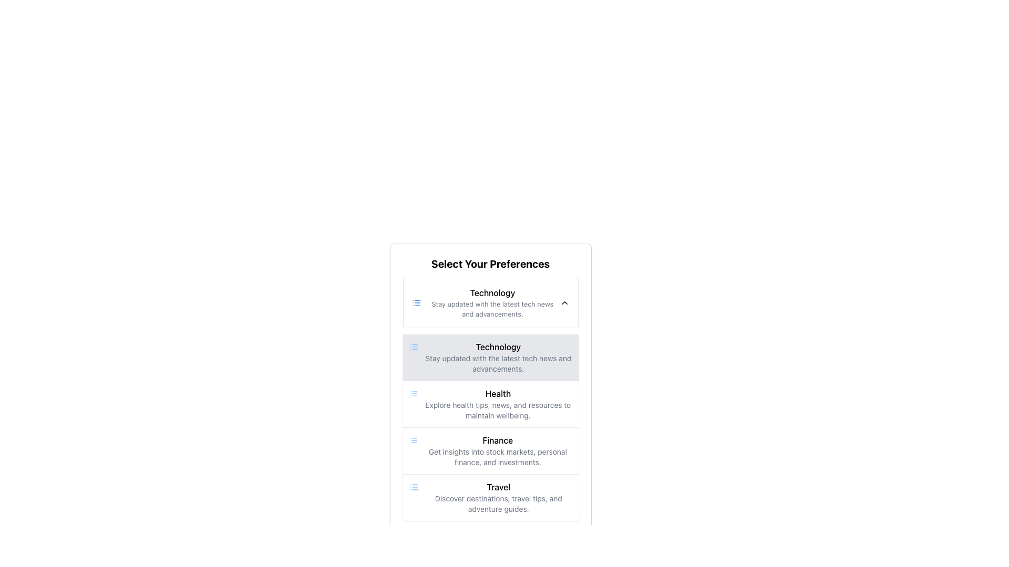 This screenshot has width=1009, height=567. What do you see at coordinates (492, 303) in the screenshot?
I see `the text block titled 'Technology' which contains a bolded heading and a descriptive paragraph about tech news, located beneath 'Select Your Preferences.'` at bounding box center [492, 303].